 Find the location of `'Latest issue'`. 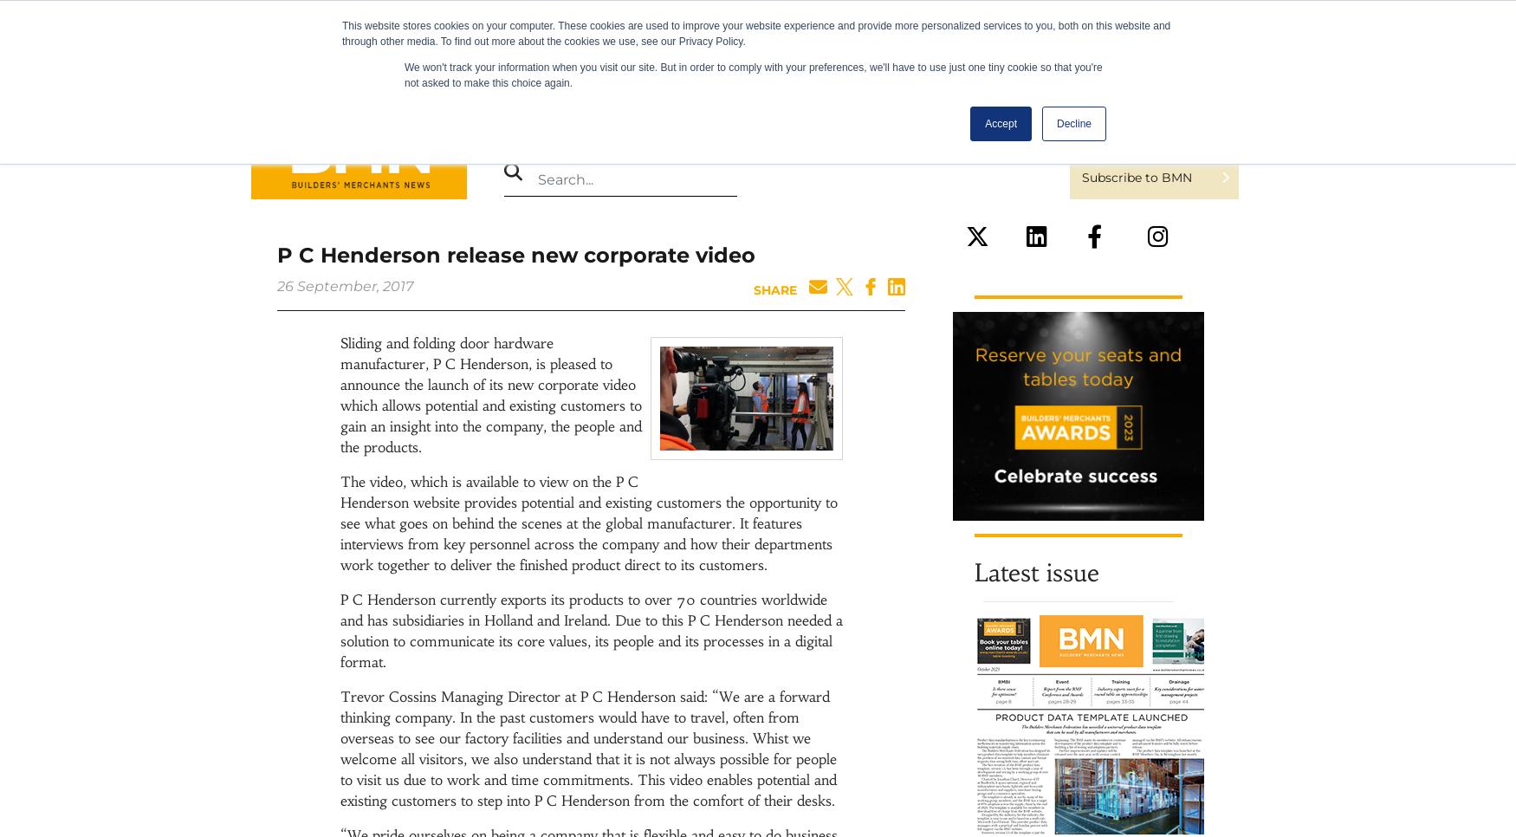

'Latest issue' is located at coordinates (1037, 573).